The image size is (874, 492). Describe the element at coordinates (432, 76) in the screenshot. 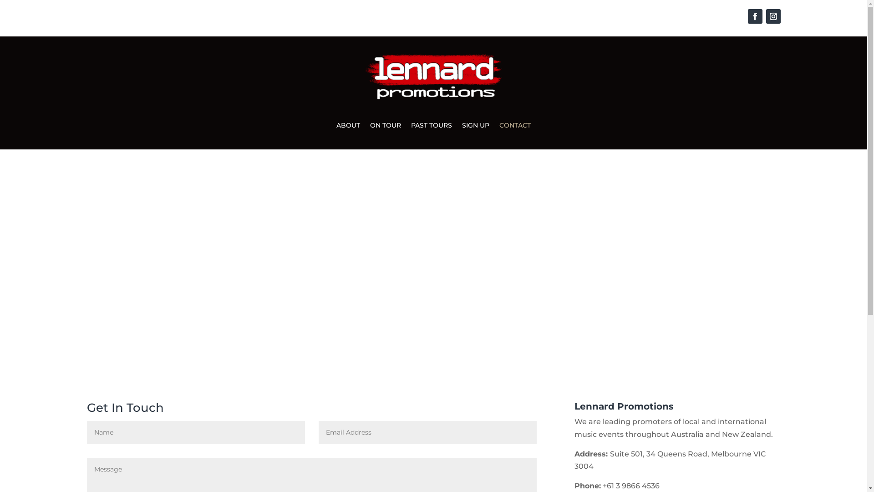

I see `'LennardPormotions_logo_edited_300px'` at that location.